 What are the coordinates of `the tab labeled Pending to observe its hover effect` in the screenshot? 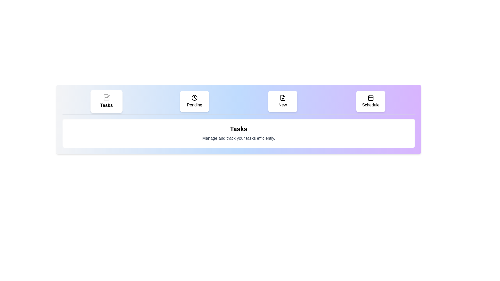 It's located at (194, 101).